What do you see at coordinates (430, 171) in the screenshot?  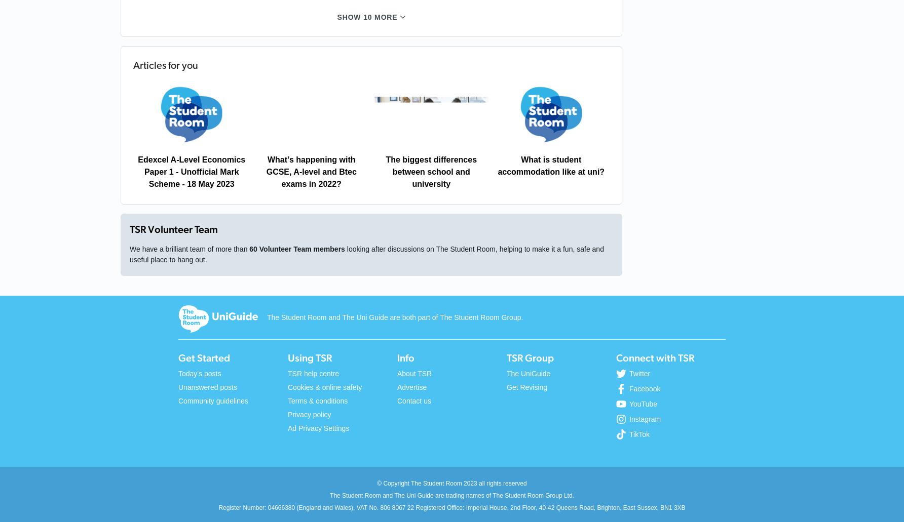 I see `'The biggest differences between school and university'` at bounding box center [430, 171].